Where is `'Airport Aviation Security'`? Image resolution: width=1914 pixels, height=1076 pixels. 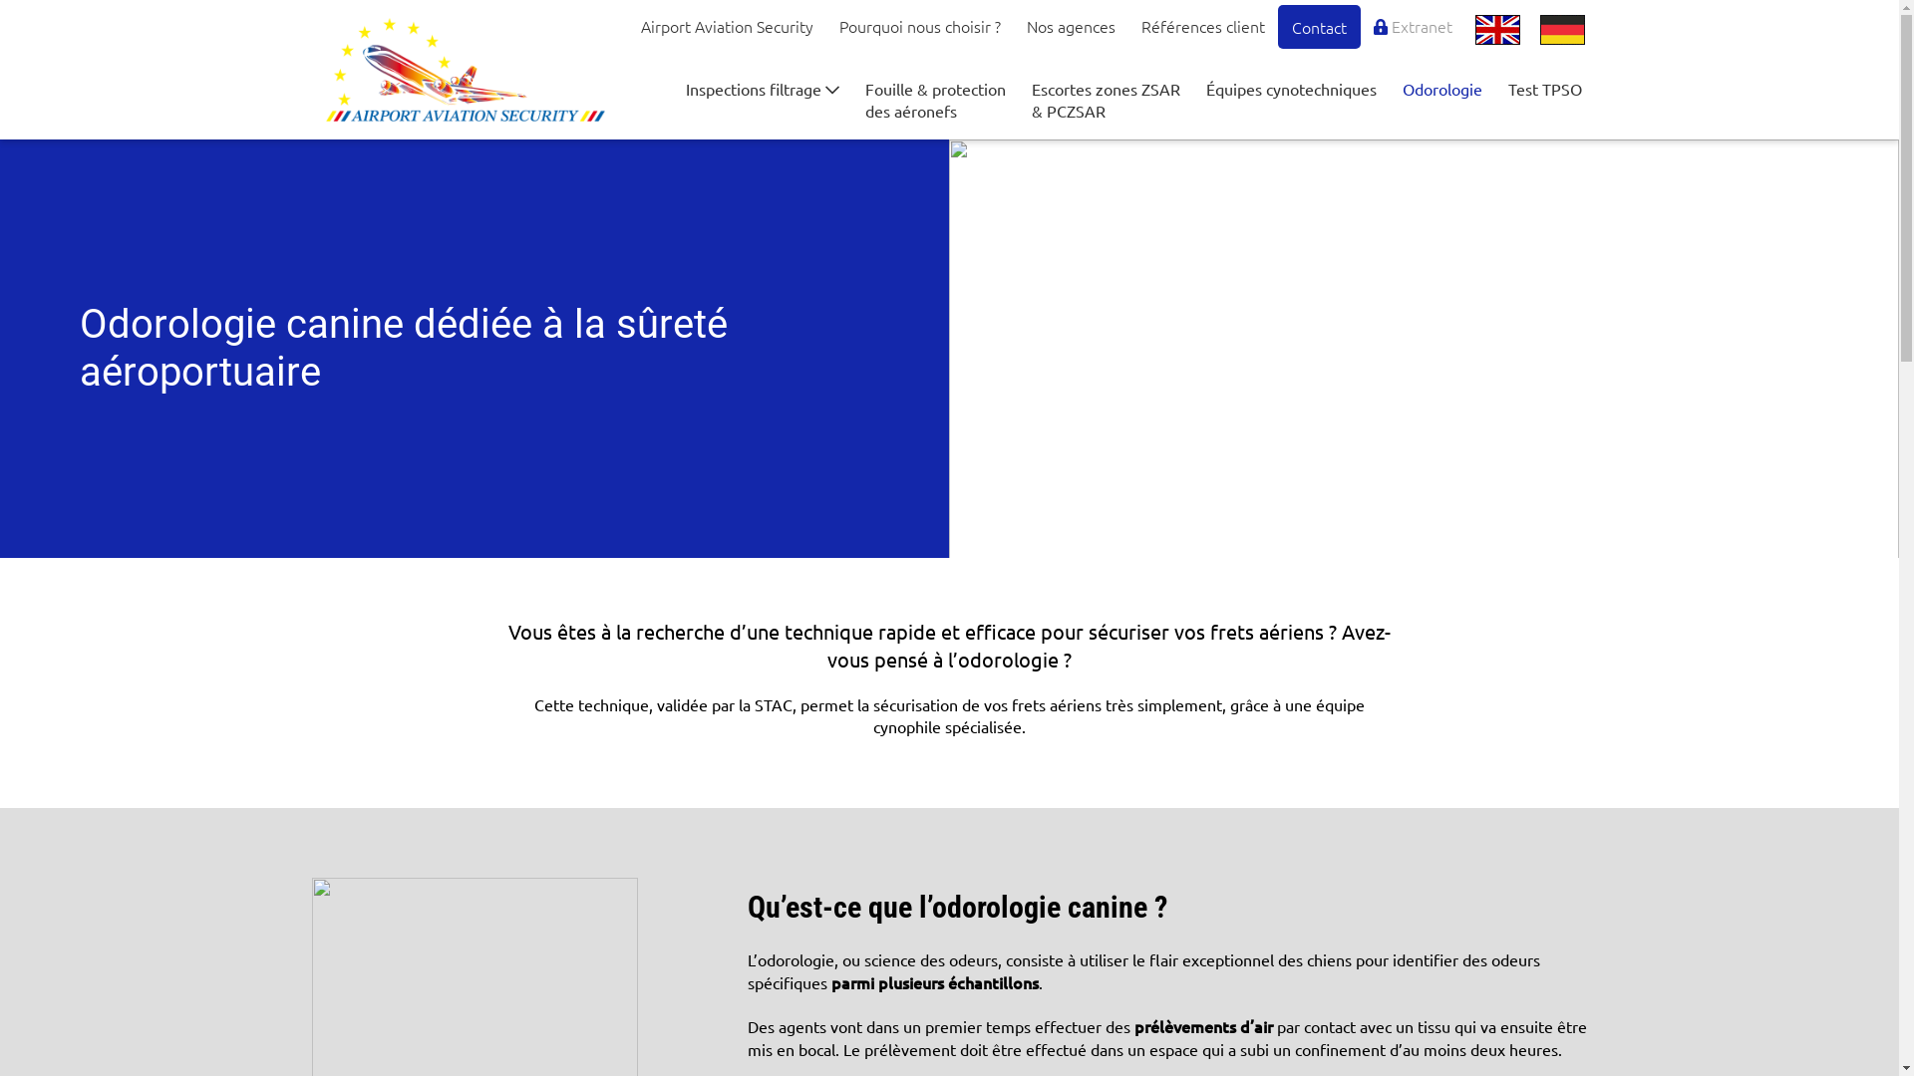
'Airport Aviation Security' is located at coordinates (726, 26).